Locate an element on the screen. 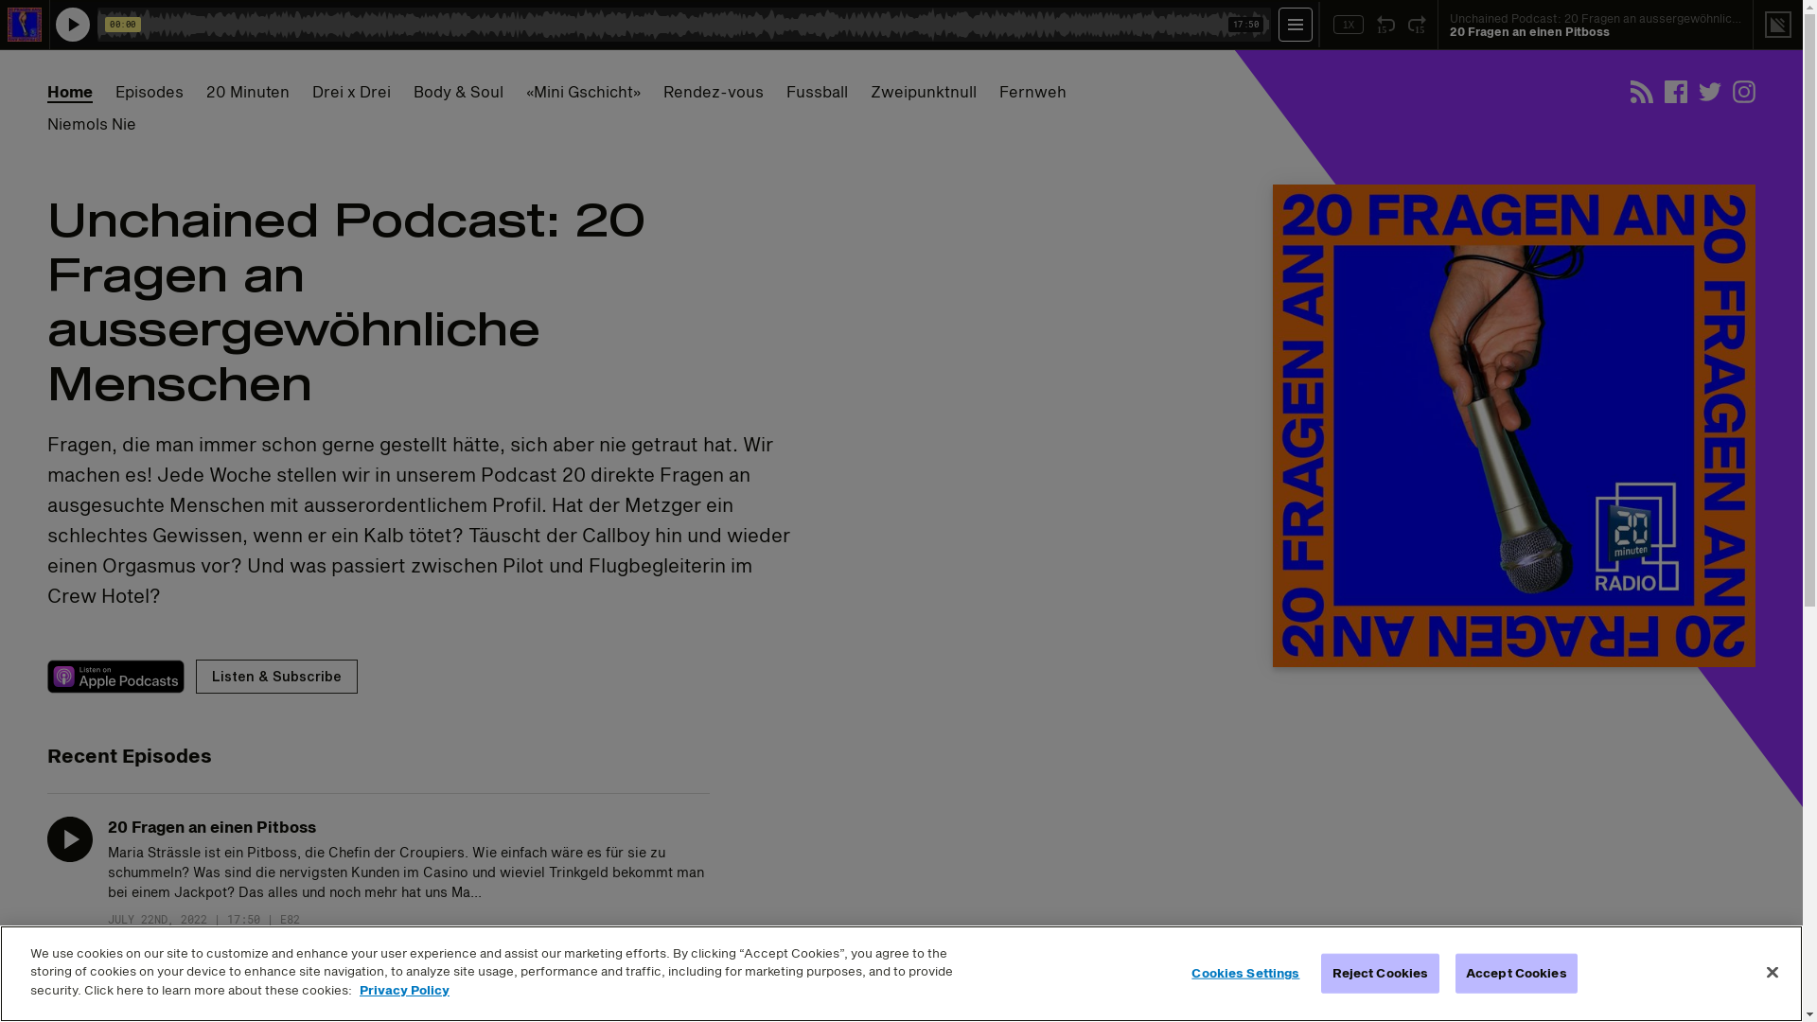  'Privacy Policy' is located at coordinates (403, 988).